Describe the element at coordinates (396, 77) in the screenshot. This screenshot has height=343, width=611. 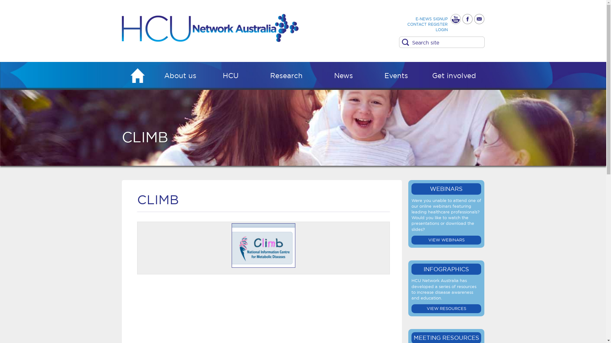
I see `'Events'` at that location.